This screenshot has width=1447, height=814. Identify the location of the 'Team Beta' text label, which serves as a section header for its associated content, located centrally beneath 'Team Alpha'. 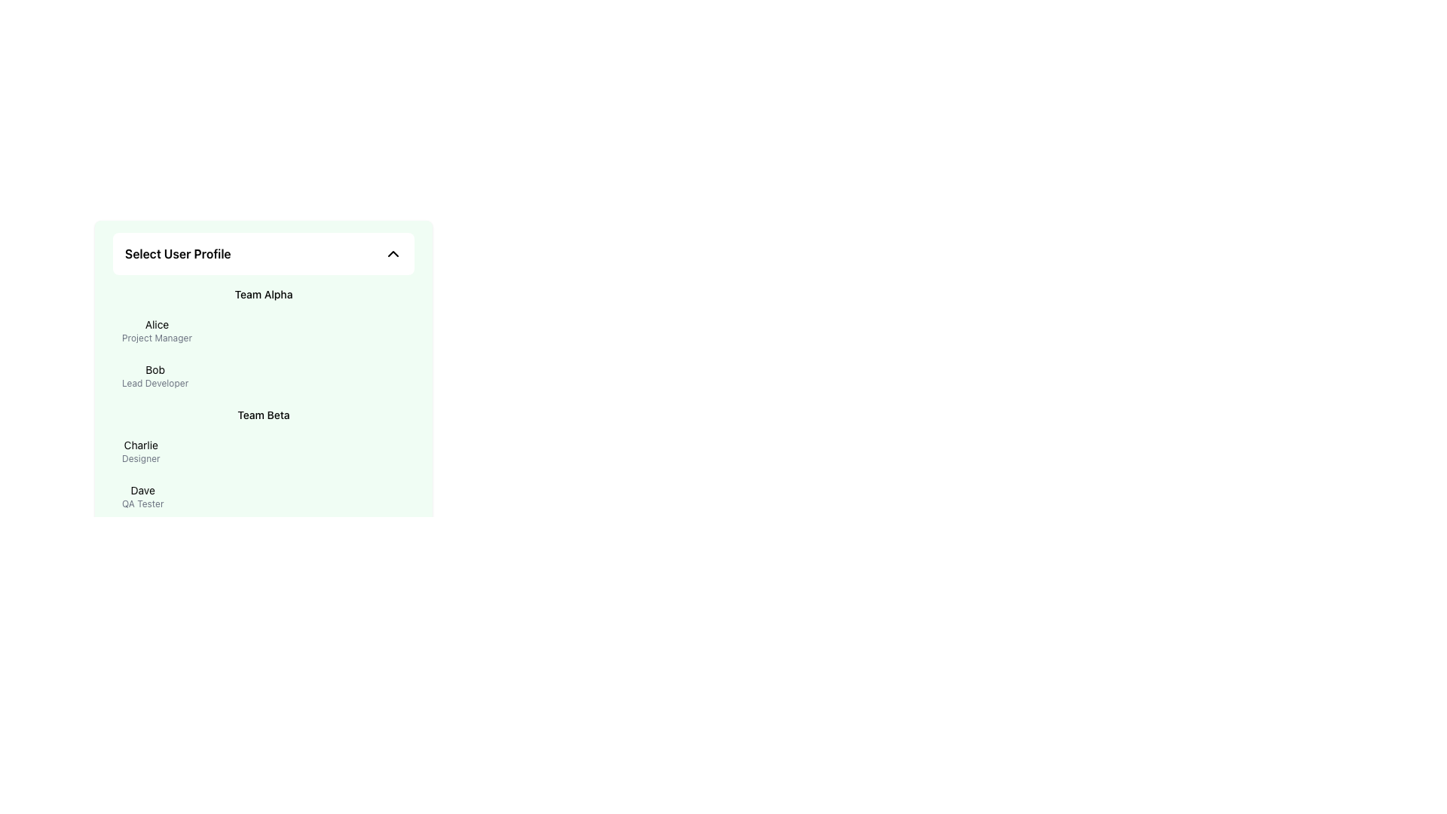
(264, 415).